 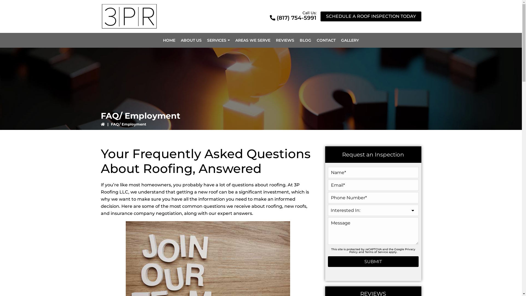 What do you see at coordinates (169, 40) in the screenshot?
I see `'HOME'` at bounding box center [169, 40].